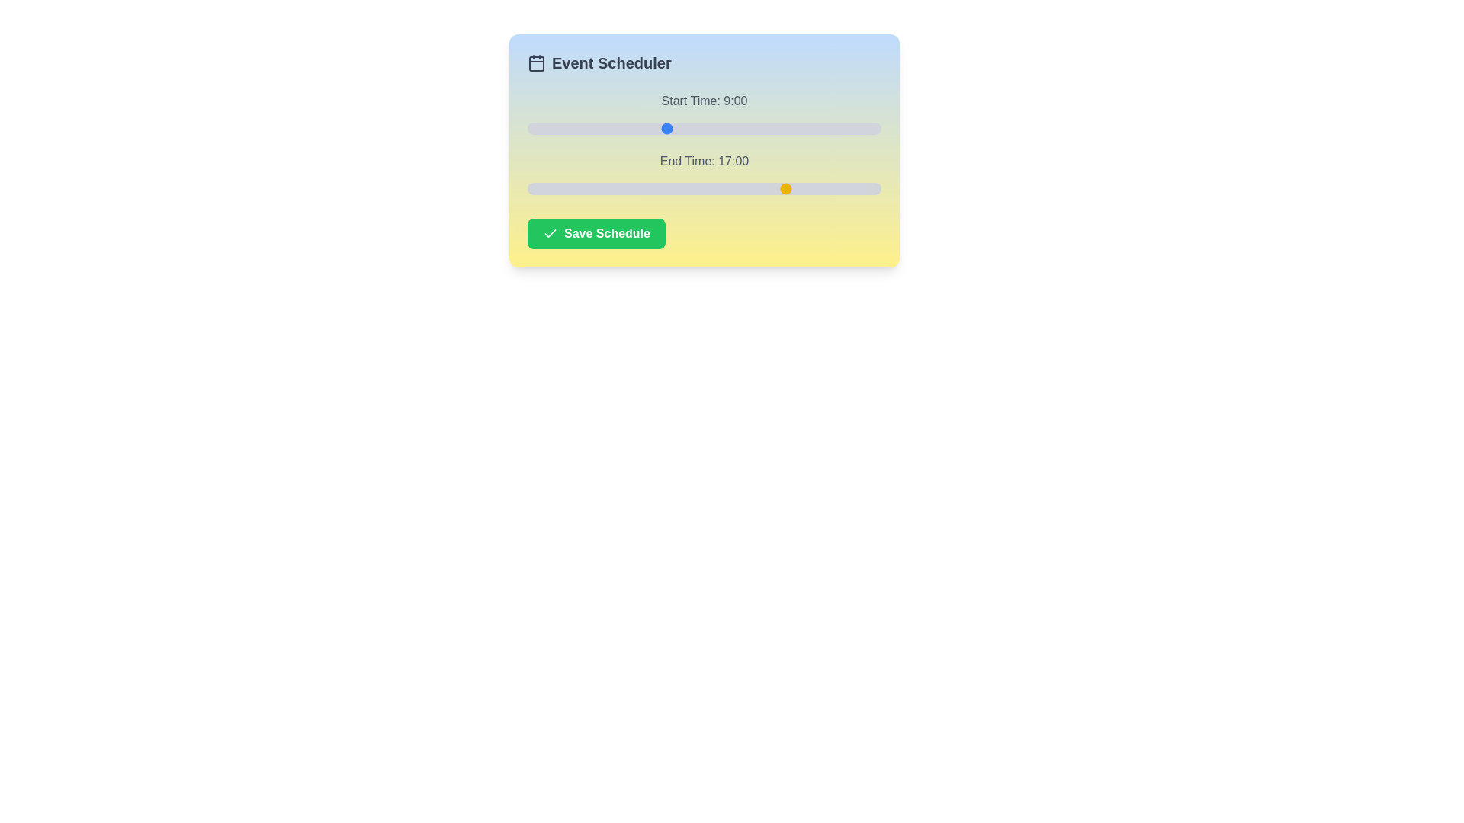 The height and width of the screenshot is (823, 1464). What do you see at coordinates (603, 187) in the screenshot?
I see `the end time slider to 5` at bounding box center [603, 187].